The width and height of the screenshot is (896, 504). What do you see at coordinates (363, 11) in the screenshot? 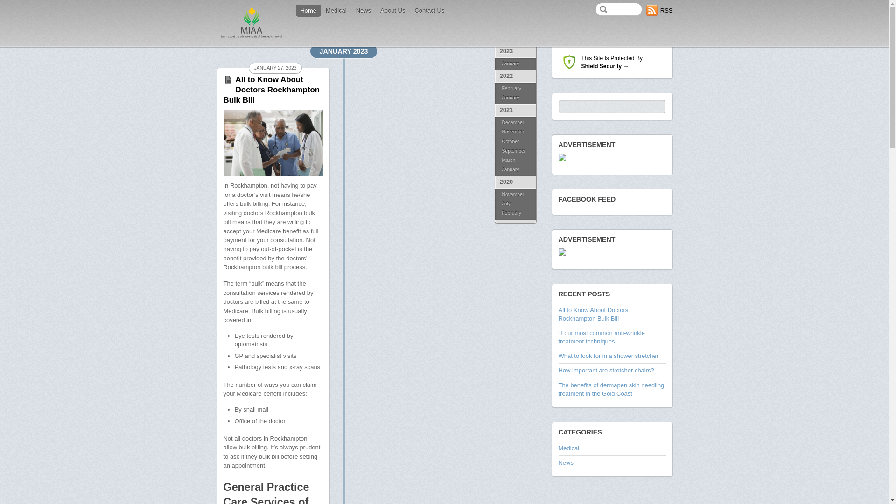
I see `'News'` at bounding box center [363, 11].